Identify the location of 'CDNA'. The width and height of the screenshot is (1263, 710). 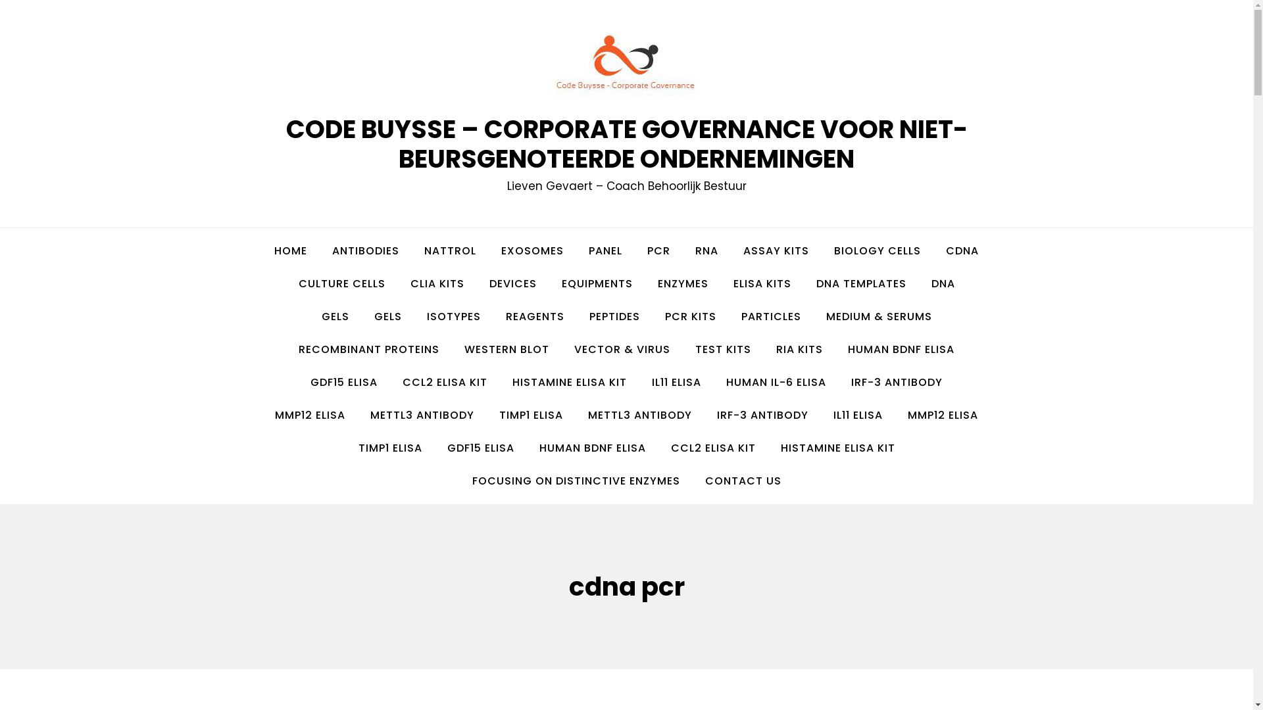
(962, 250).